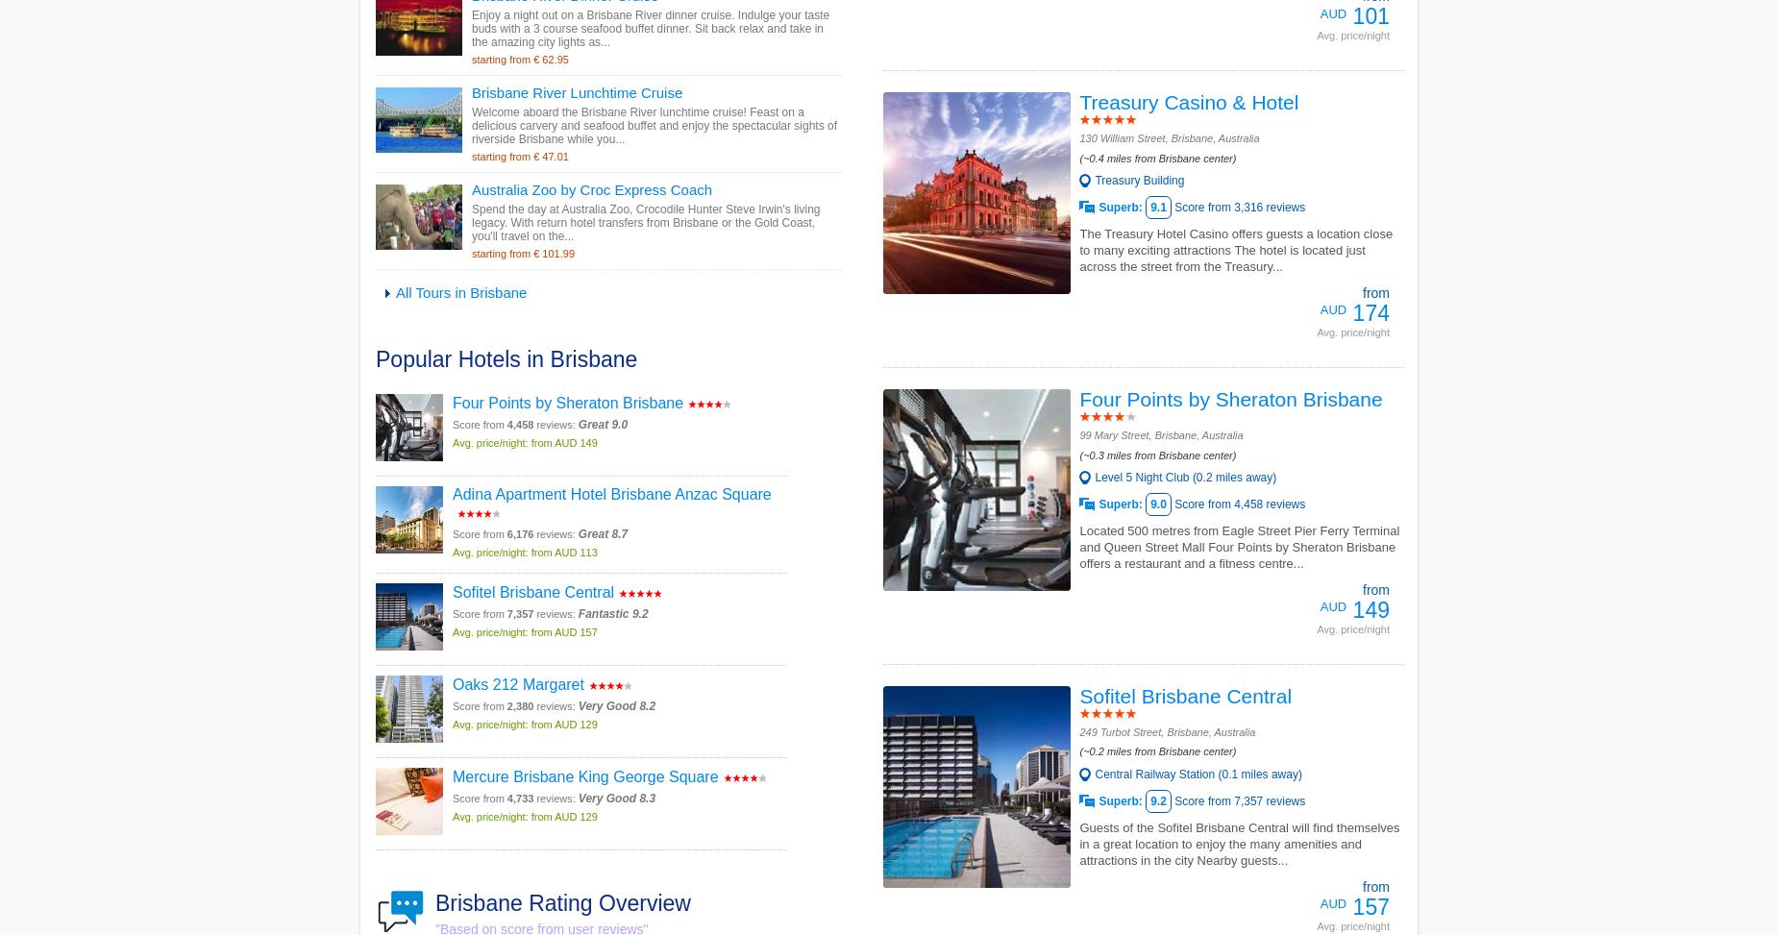  Describe the element at coordinates (1077, 101) in the screenshot. I see `'Treasury Casino & Hotel'` at that location.